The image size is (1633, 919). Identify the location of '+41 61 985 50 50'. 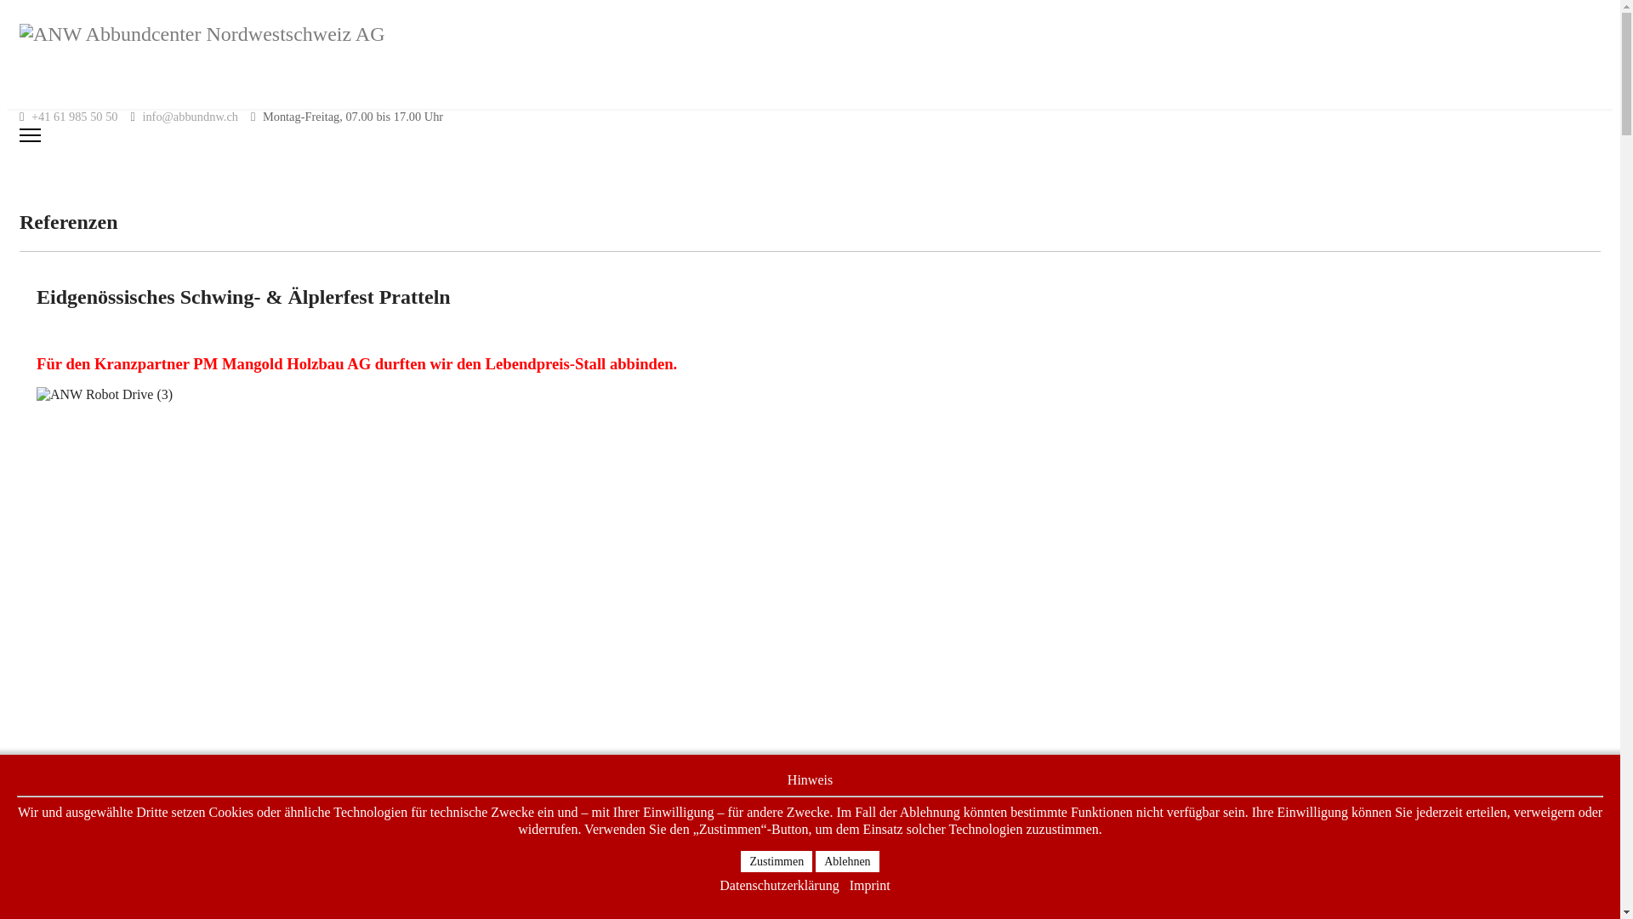
(73, 116).